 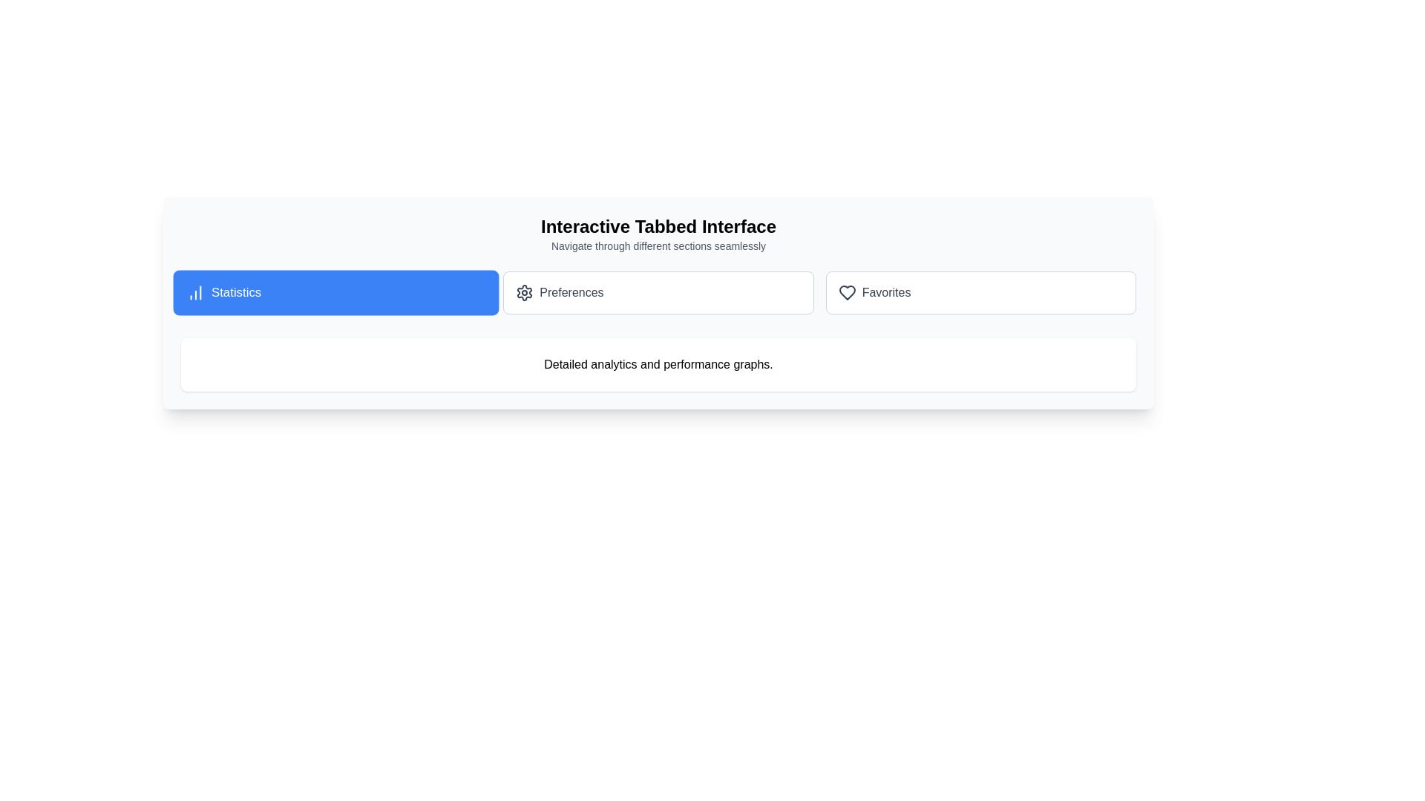 What do you see at coordinates (980, 292) in the screenshot?
I see `the tab labeled Favorites` at bounding box center [980, 292].